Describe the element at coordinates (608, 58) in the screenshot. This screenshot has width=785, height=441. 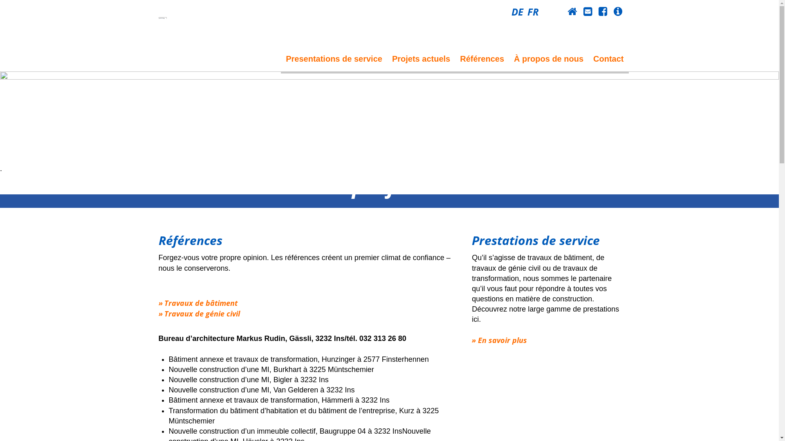
I see `'Contact'` at that location.